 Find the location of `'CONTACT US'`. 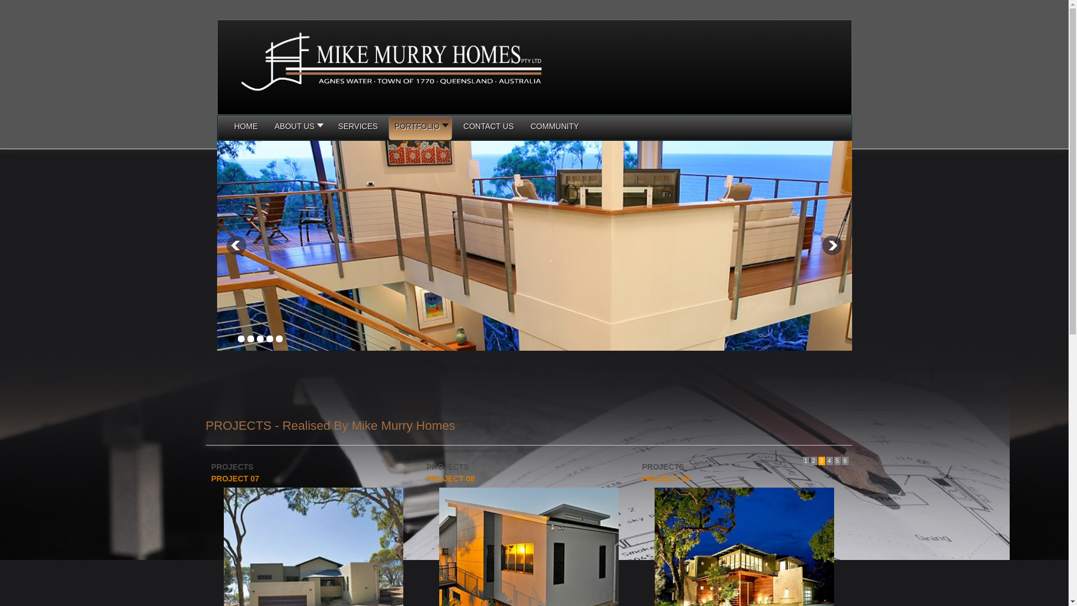

'CONTACT US' is located at coordinates (488, 128).